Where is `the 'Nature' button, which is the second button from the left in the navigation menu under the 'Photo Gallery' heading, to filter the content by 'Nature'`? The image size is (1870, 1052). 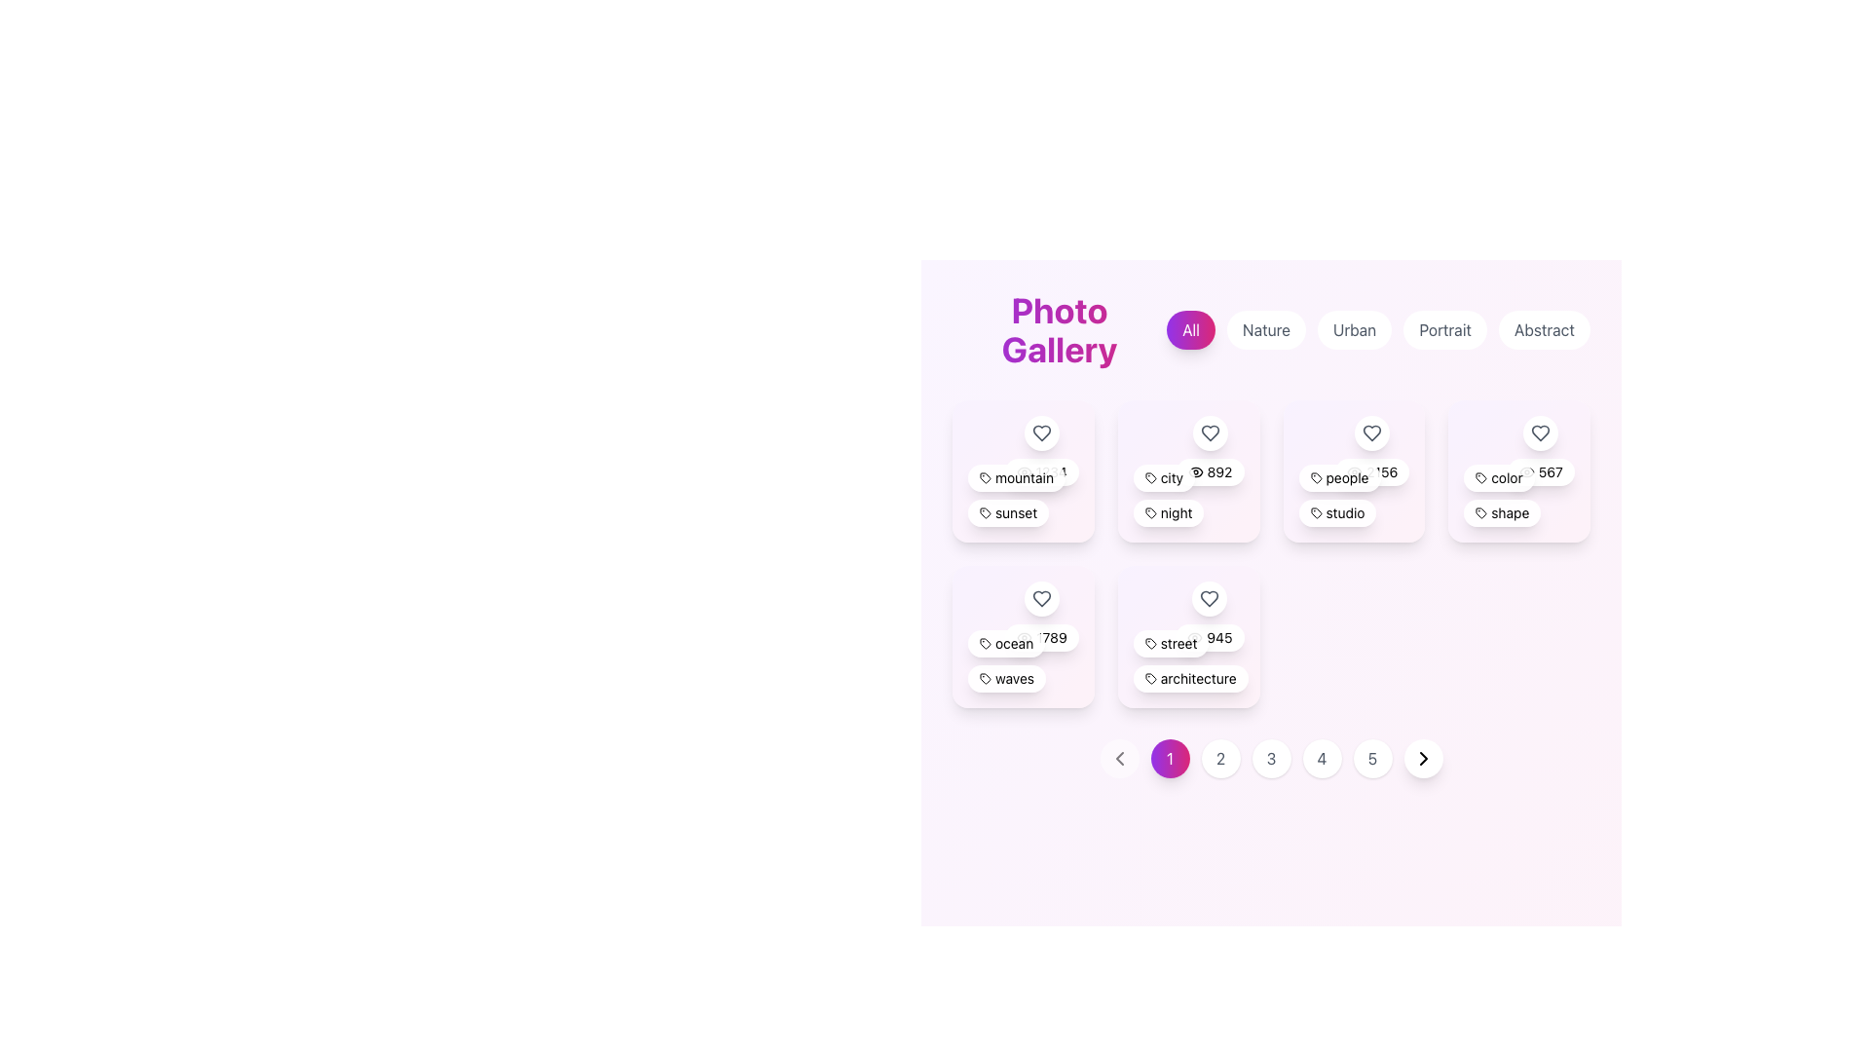 the 'Nature' button, which is the second button from the left in the navigation menu under the 'Photo Gallery' heading, to filter the content by 'Nature' is located at coordinates (1266, 329).